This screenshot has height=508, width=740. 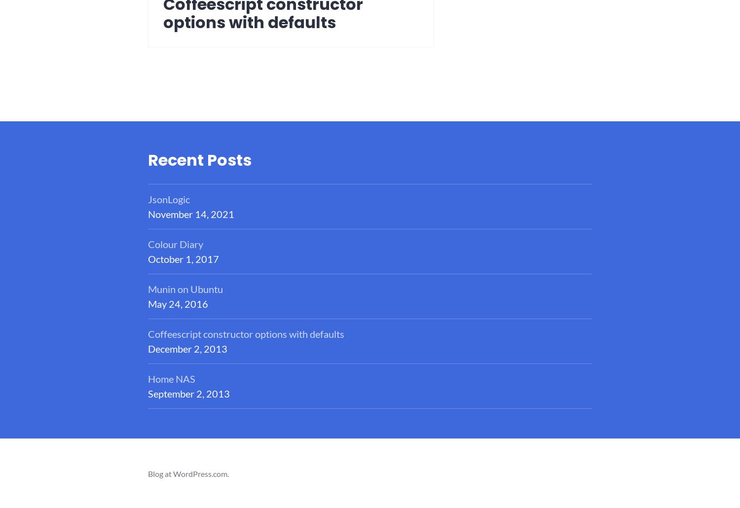 What do you see at coordinates (148, 258) in the screenshot?
I see `'October 1, 2017'` at bounding box center [148, 258].